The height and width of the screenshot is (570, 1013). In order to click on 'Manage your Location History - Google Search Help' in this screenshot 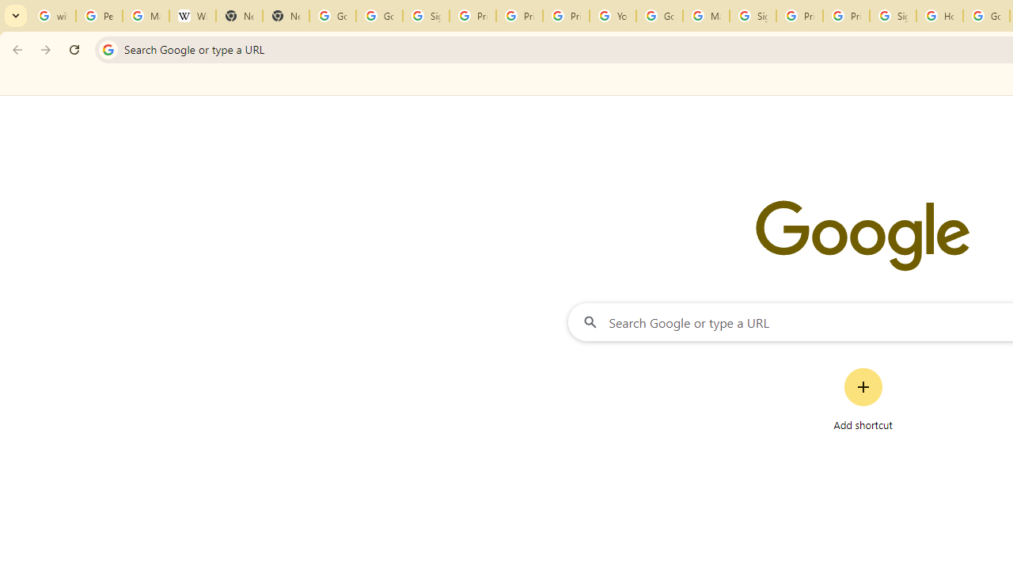, I will do `click(146, 16)`.